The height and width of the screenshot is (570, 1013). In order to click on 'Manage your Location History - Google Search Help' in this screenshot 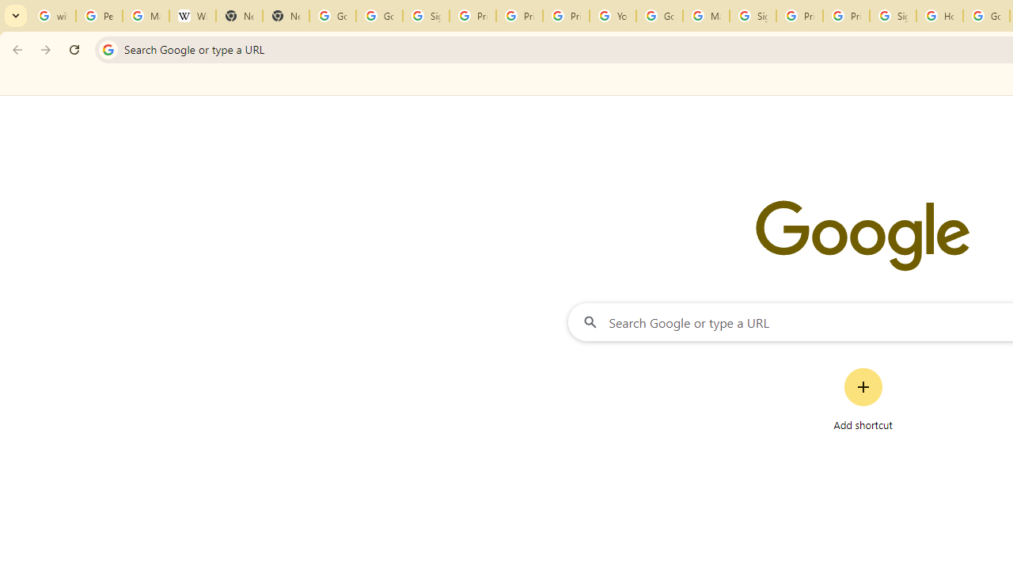, I will do `click(146, 16)`.